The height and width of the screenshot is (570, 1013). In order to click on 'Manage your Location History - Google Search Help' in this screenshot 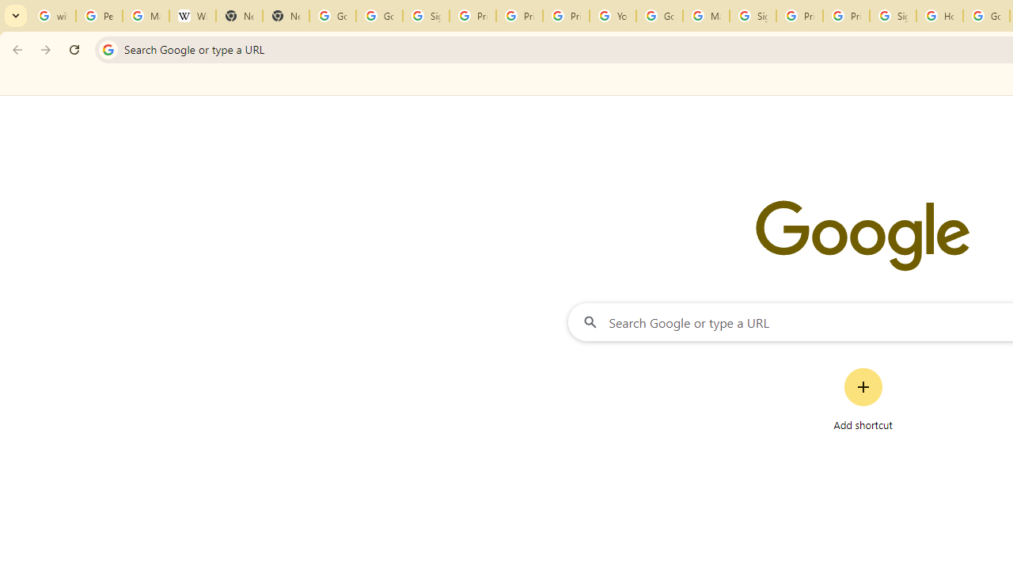, I will do `click(146, 16)`.